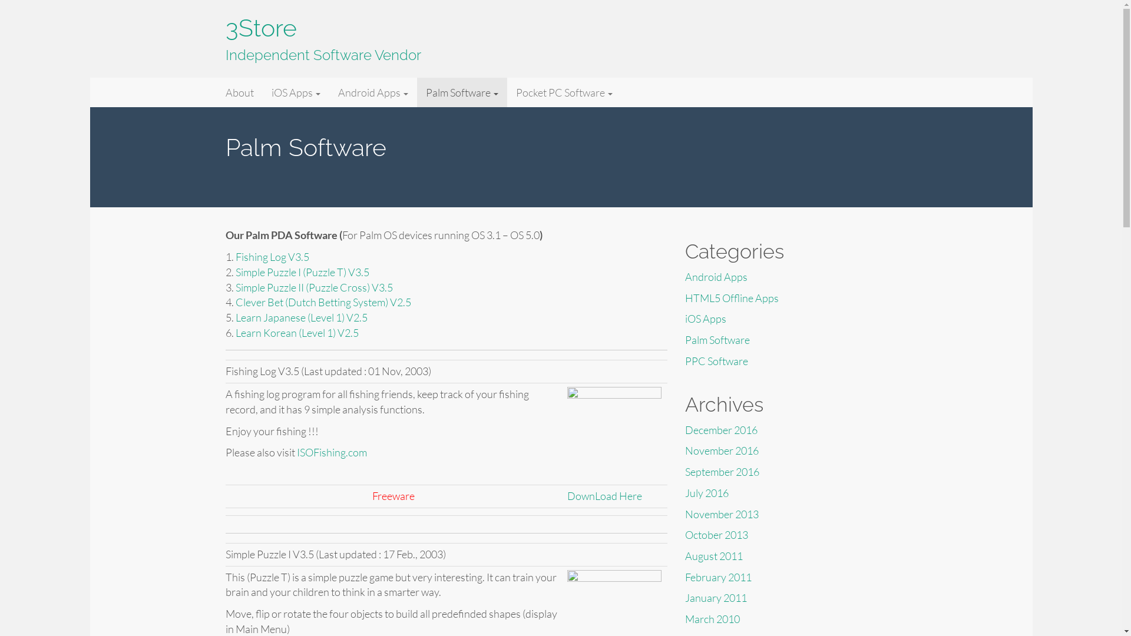 This screenshot has width=1131, height=636. I want to click on 'August 2011', so click(712, 556).